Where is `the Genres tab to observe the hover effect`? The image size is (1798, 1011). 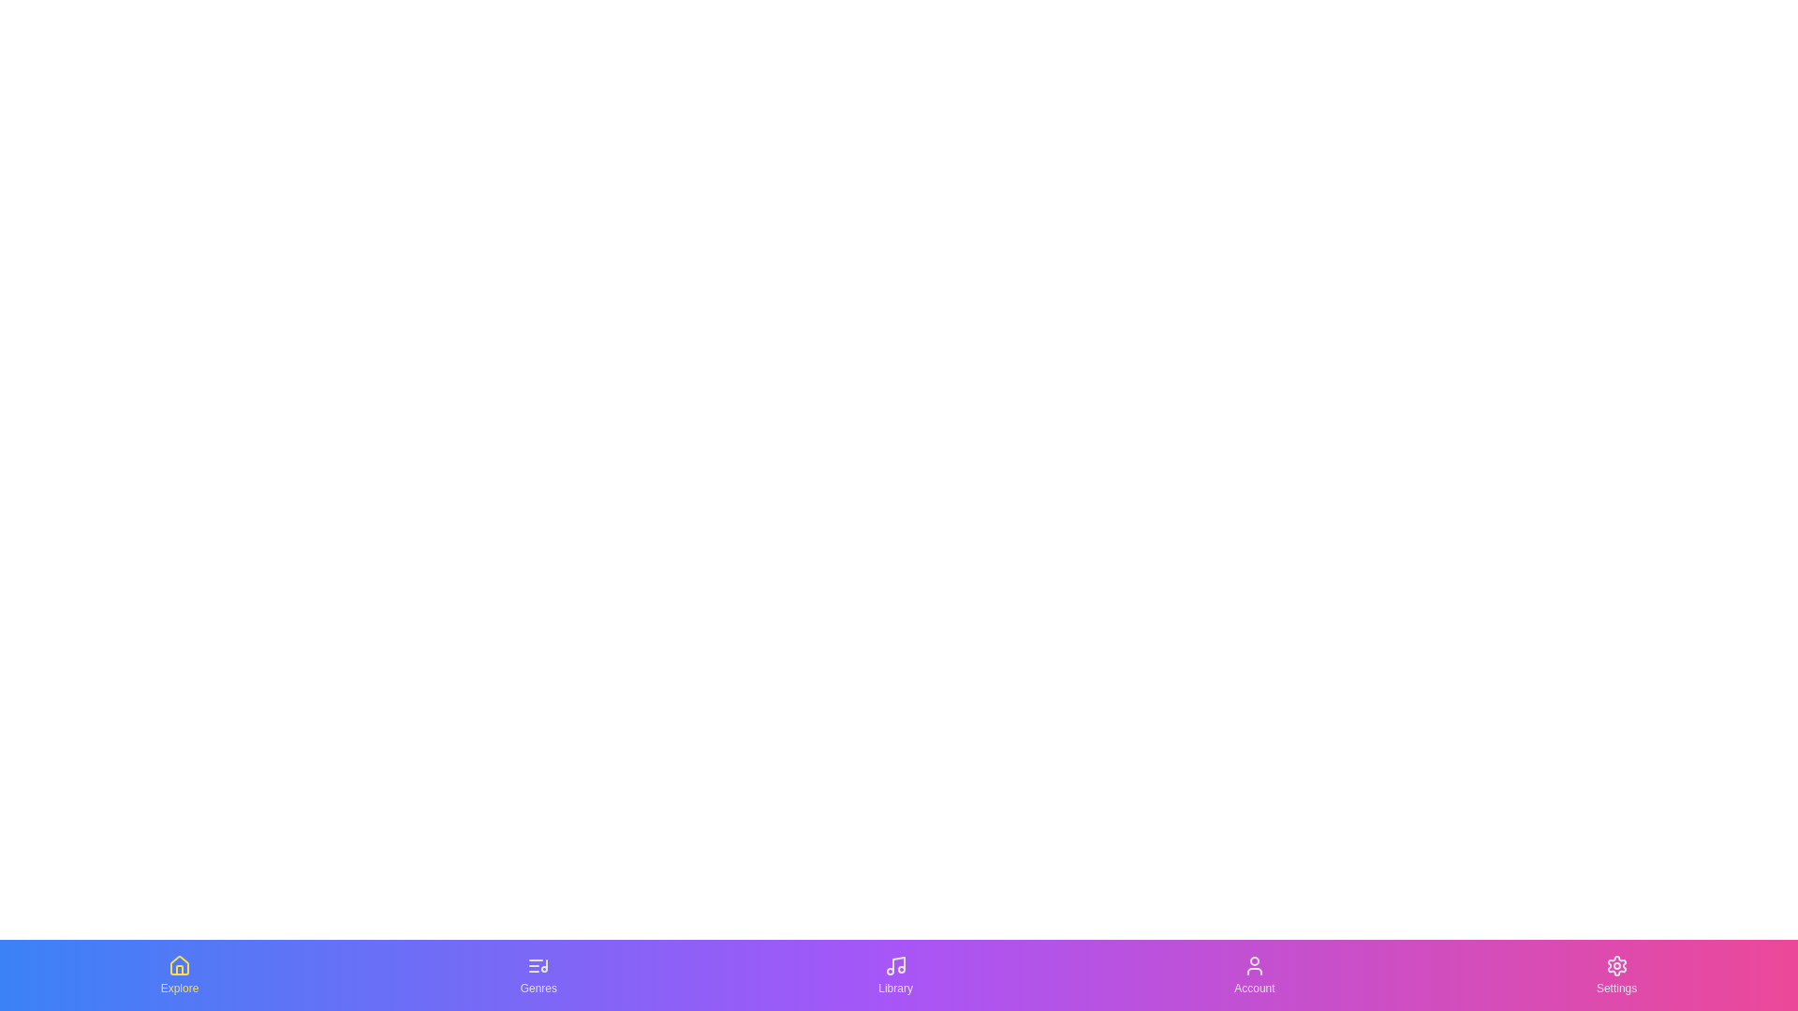
the Genres tab to observe the hover effect is located at coordinates (538, 974).